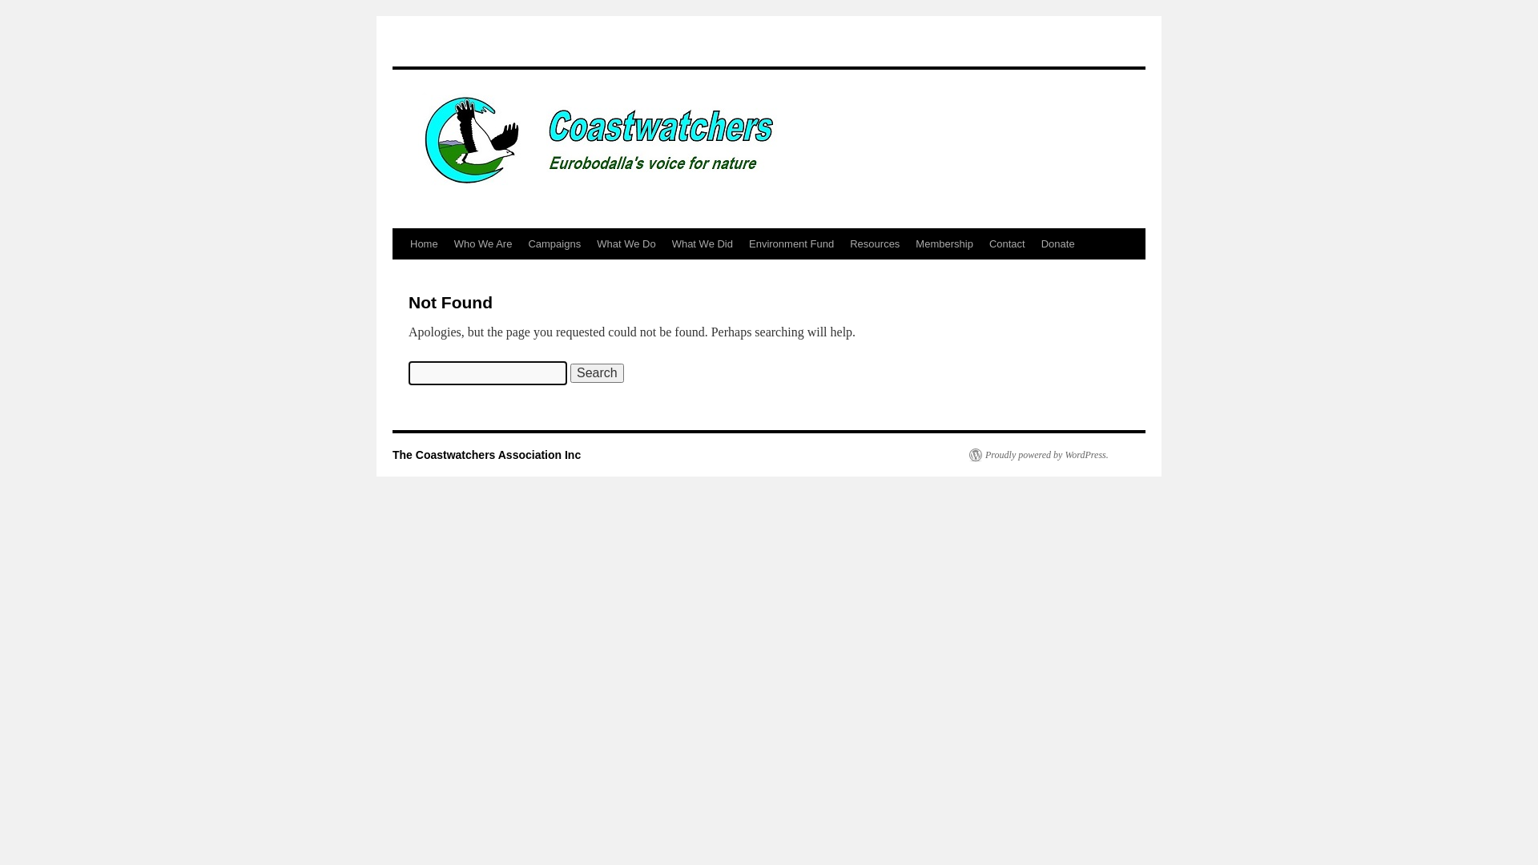  What do you see at coordinates (424, 243) in the screenshot?
I see `'Home'` at bounding box center [424, 243].